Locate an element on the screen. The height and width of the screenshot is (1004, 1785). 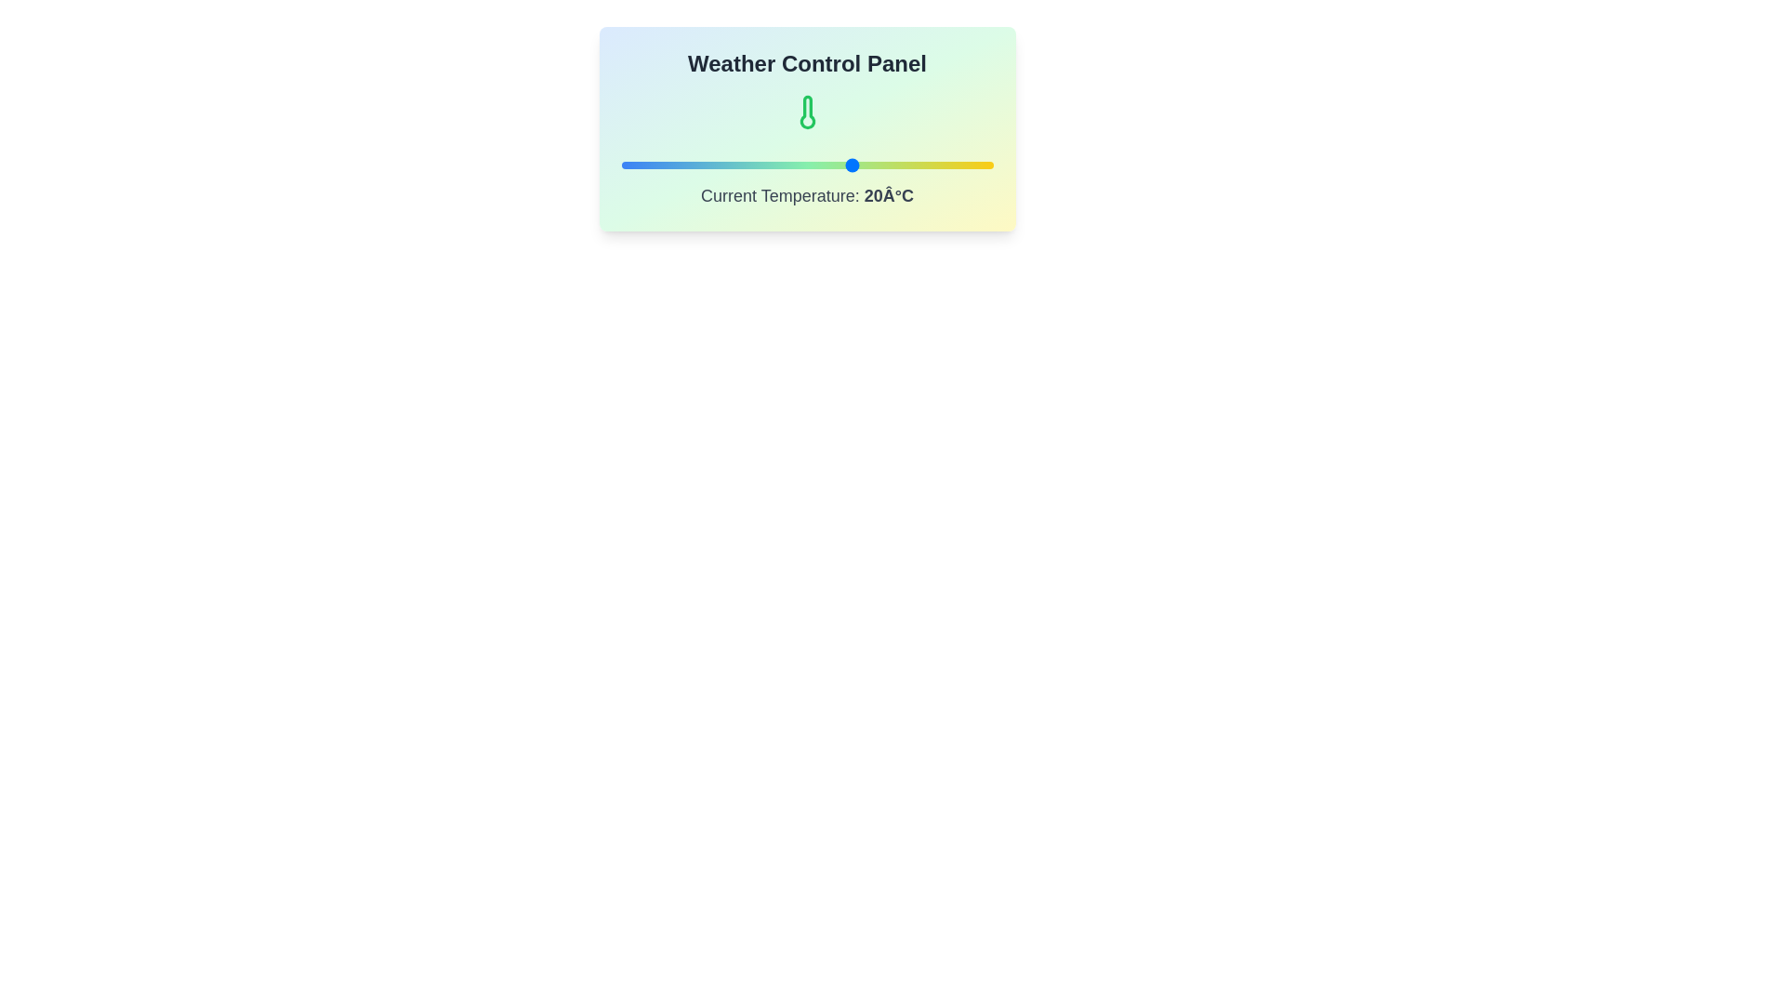
the temperature to 28°C using the slider is located at coordinates (890, 164).